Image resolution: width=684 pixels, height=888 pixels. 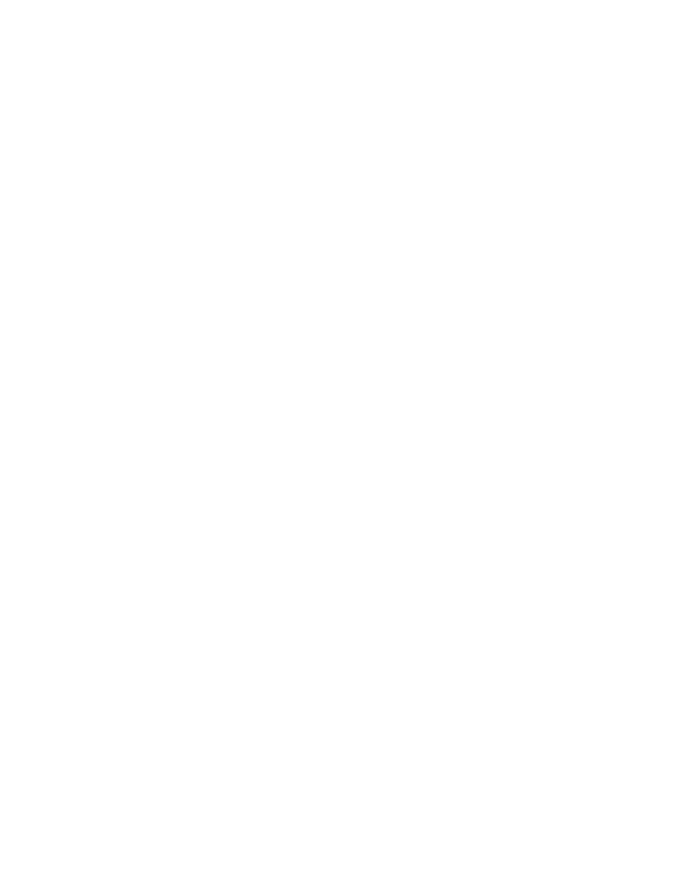 I want to click on 'Reddit', so click(x=463, y=870).